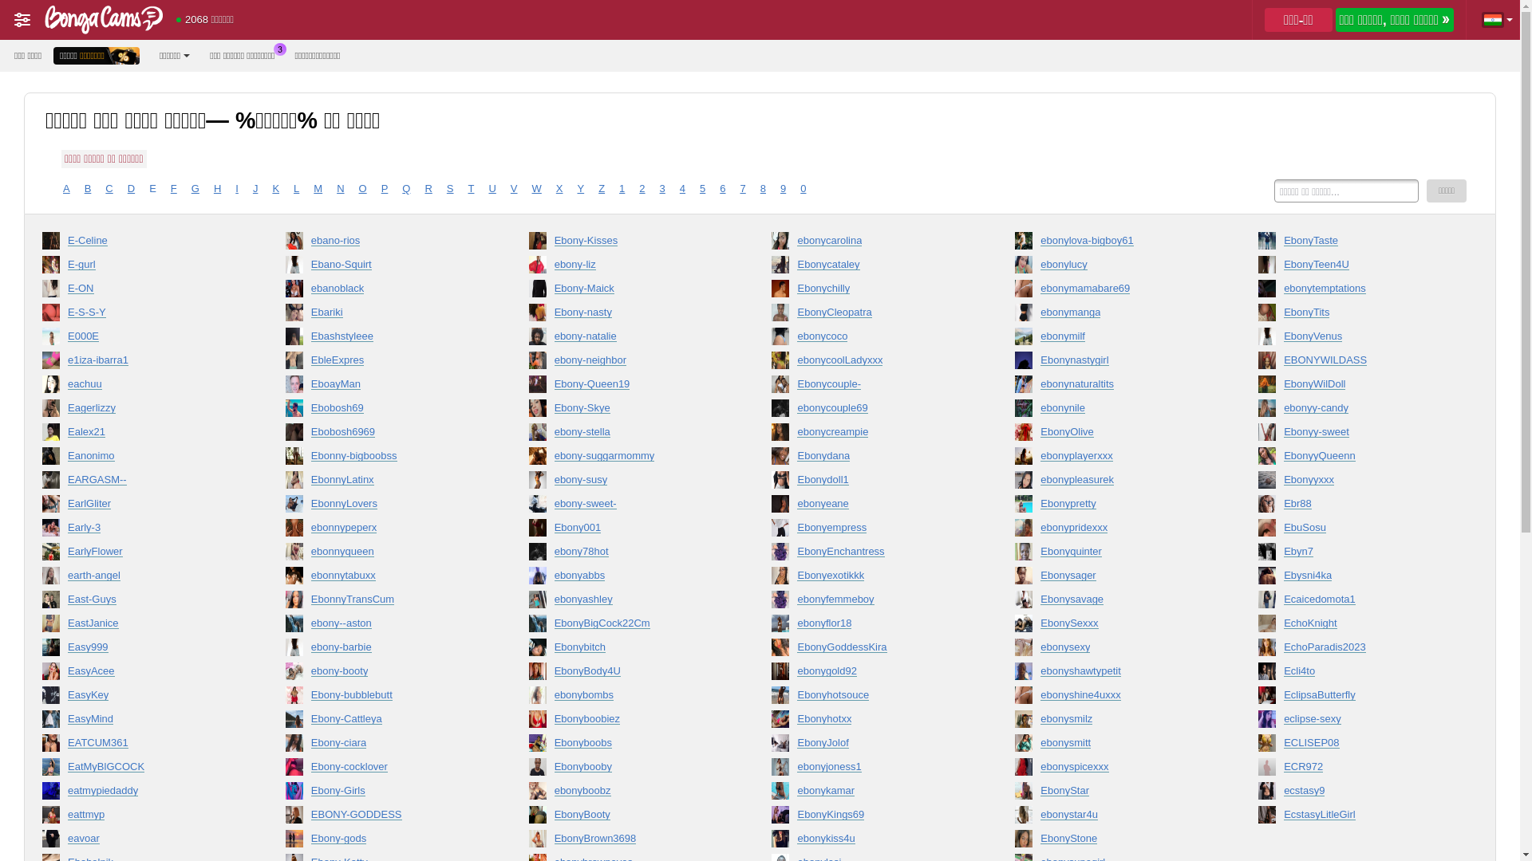 Image resolution: width=1532 pixels, height=861 pixels. I want to click on 'e1iza-ibarra1', so click(41, 363).